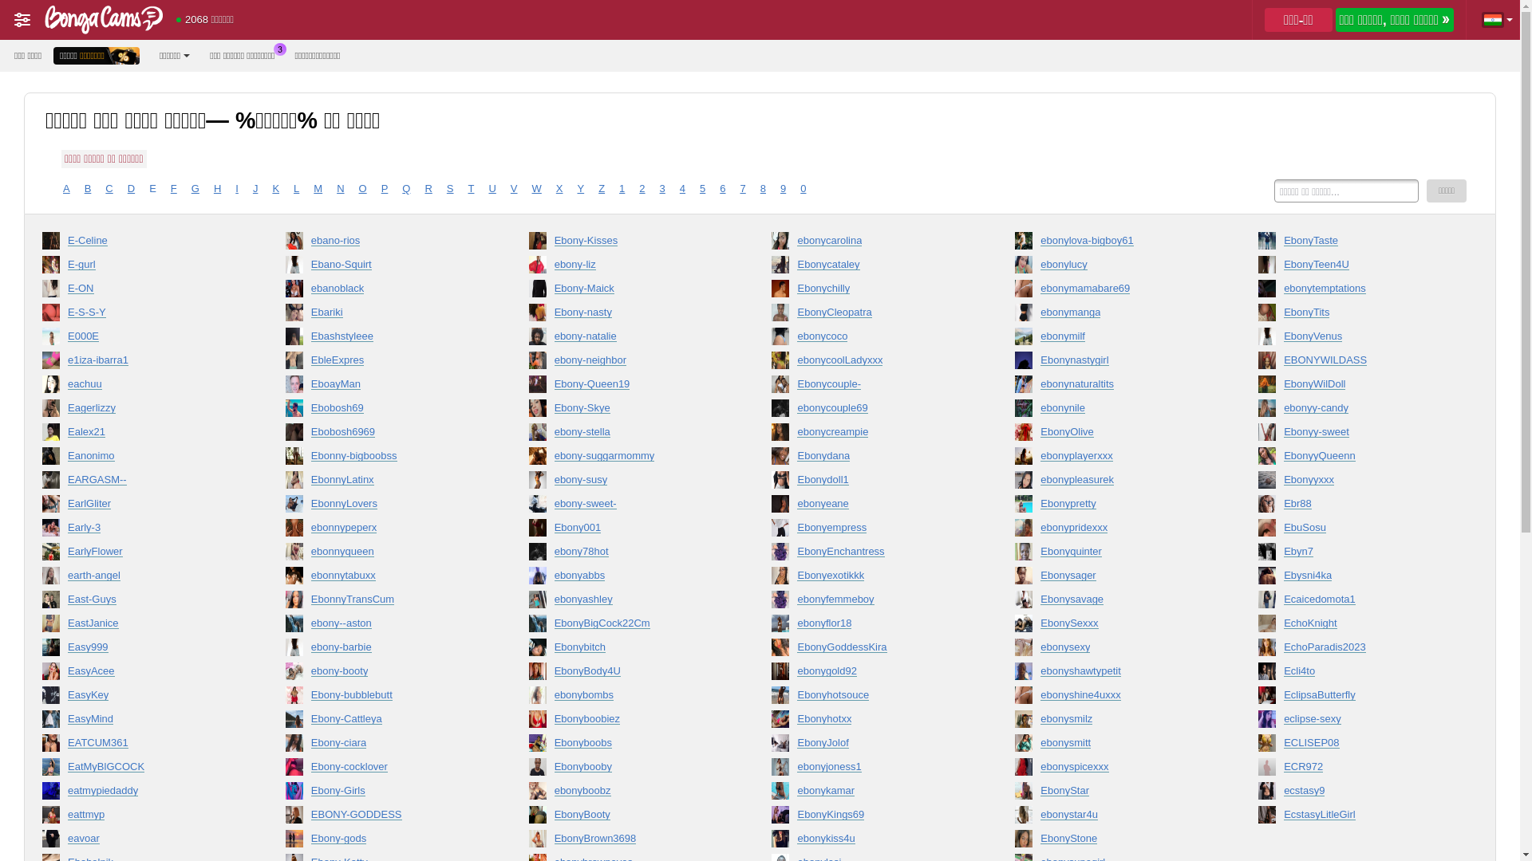 Image resolution: width=1532 pixels, height=861 pixels. I want to click on 'e1iza-ibarra1', so click(41, 363).